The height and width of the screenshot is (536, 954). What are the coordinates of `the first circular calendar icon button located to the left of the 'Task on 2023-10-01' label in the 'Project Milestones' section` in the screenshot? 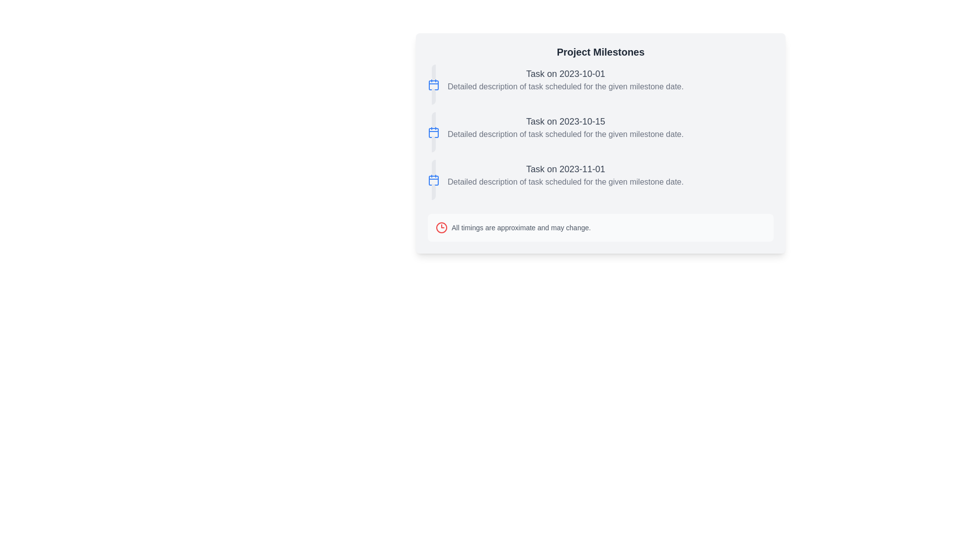 It's located at (434, 83).